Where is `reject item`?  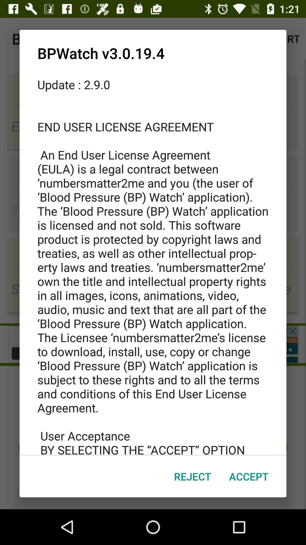 reject item is located at coordinates (192, 476).